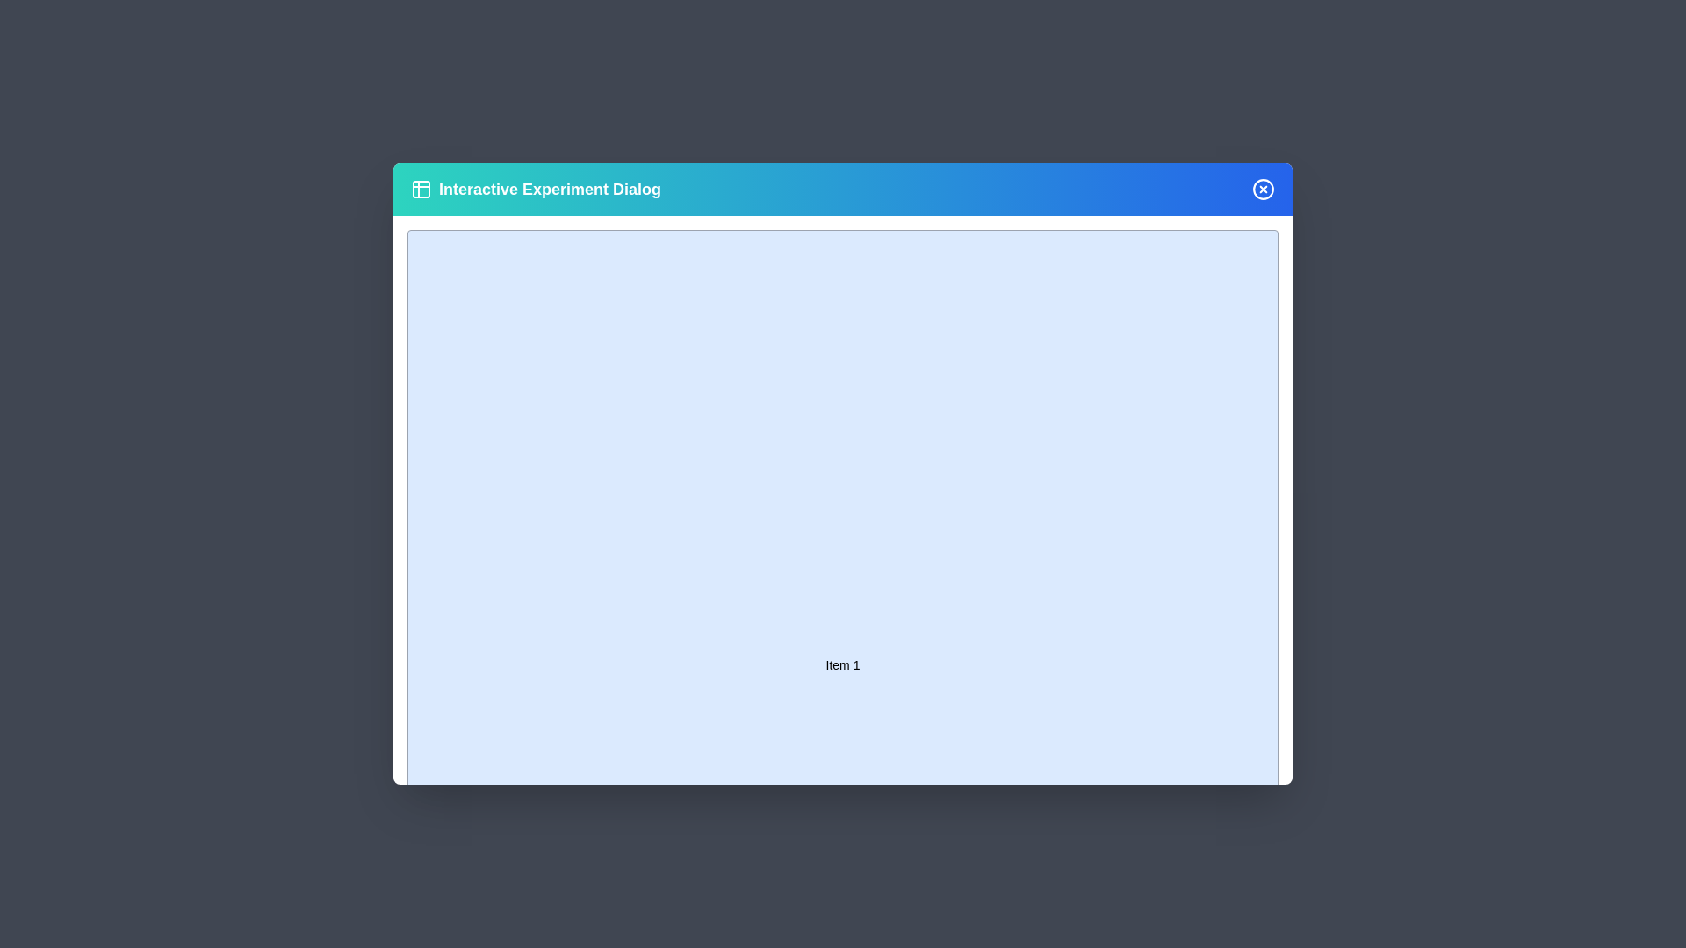 The height and width of the screenshot is (948, 1686). Describe the element at coordinates (843, 190) in the screenshot. I see `the header of the dialog to inspect its elements` at that location.